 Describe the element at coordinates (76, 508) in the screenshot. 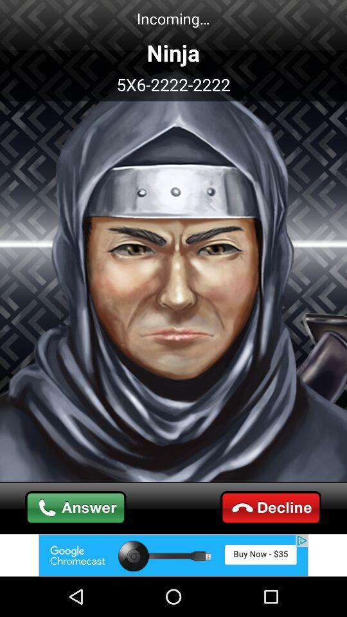

I see `answer phone call` at that location.